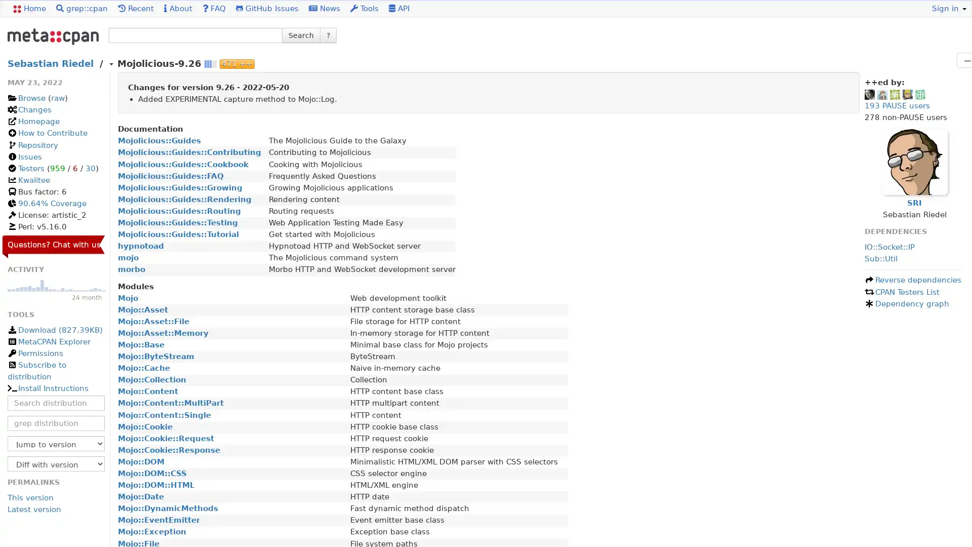 The width and height of the screenshot is (972, 547). Describe the element at coordinates (328, 34) in the screenshot. I see `?` at that location.